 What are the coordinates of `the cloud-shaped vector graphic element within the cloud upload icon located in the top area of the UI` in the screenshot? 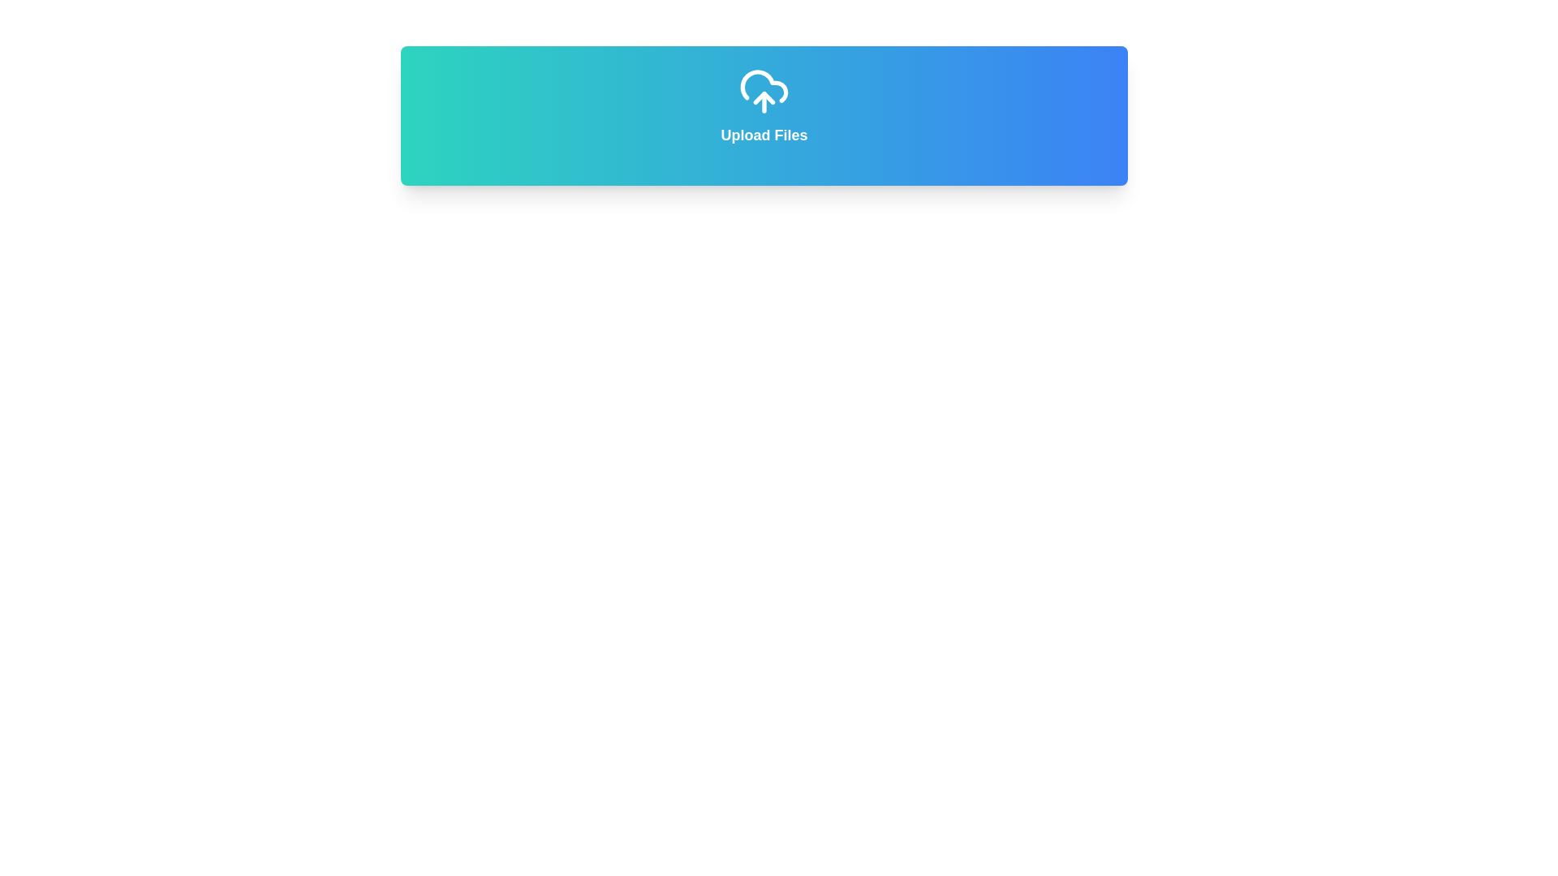 It's located at (763, 86).